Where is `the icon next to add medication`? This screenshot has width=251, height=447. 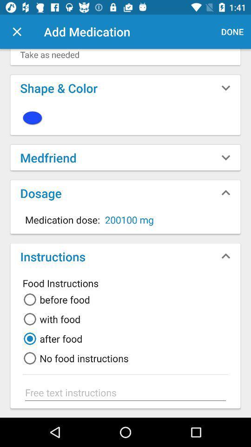 the icon next to add medication is located at coordinates (17, 32).